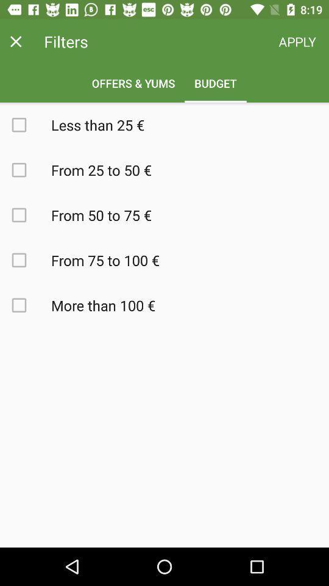  Describe the element at coordinates (26, 260) in the screenshot. I see `these can be converted into a 10 discount on your next mea` at that location.